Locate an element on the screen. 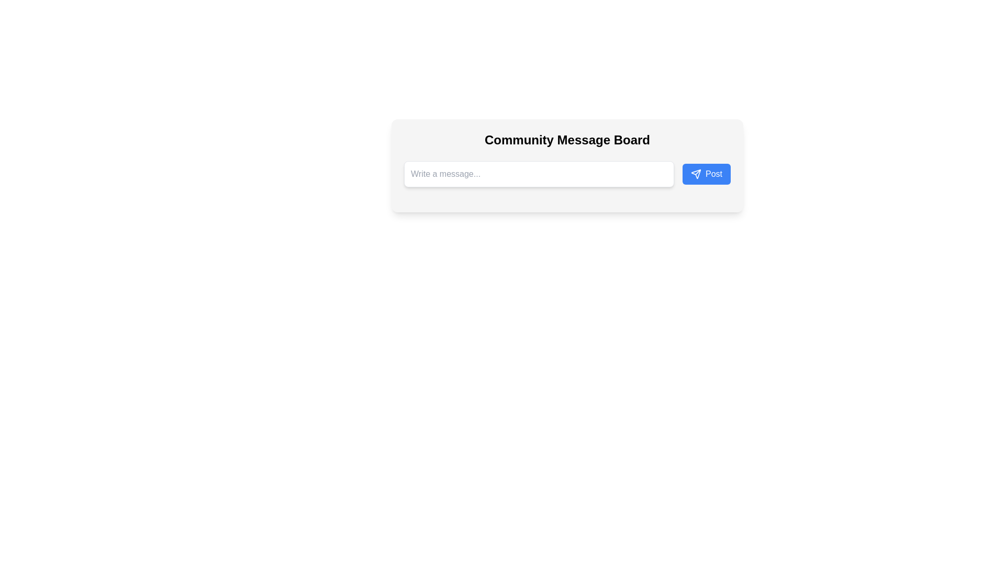 This screenshot has width=1005, height=565. the paper plane icon located on the right side of the 'Write a message...' input field, slightly to the left of the 'Post' text is located at coordinates (696, 173).